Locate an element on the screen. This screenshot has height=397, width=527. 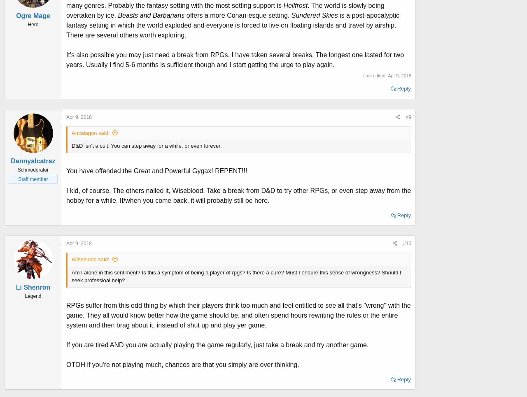
'.  The world is slowly being overtaken by ice.' is located at coordinates (225, 10).